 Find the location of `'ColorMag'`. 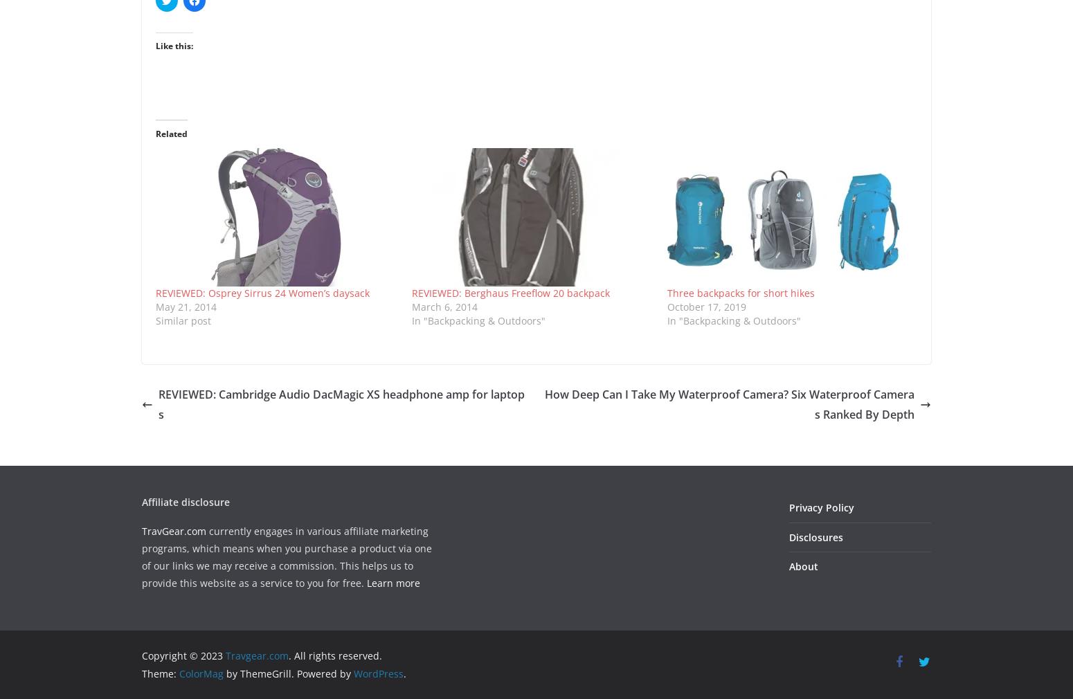

'ColorMag' is located at coordinates (201, 673).